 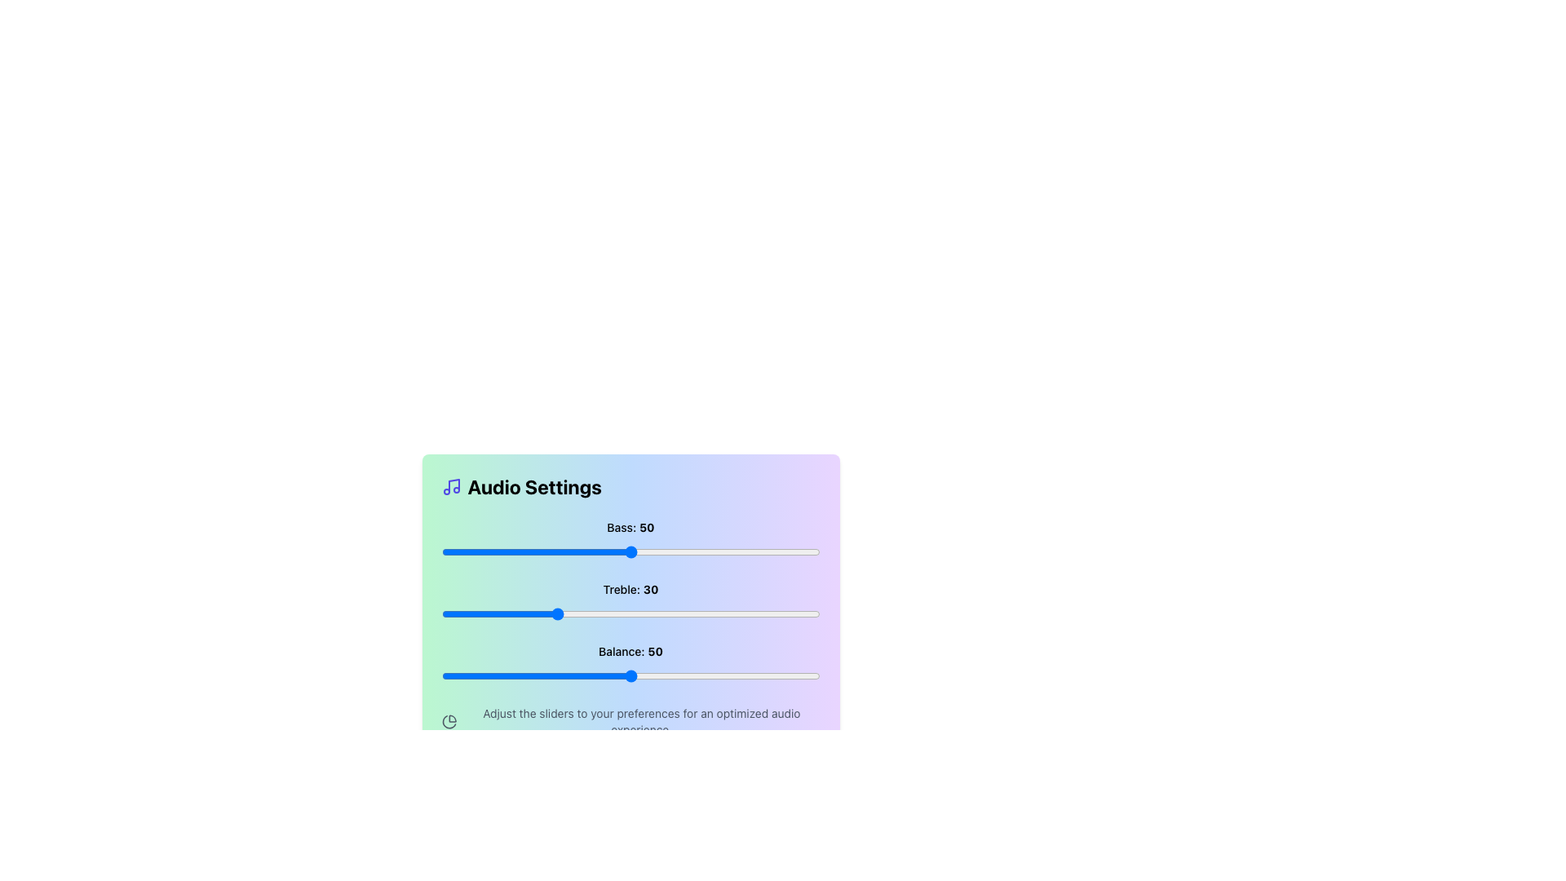 I want to click on the pie chart icon in a minimalist style located at the bottom-left of the 'Audio Settings' card, adjacent to a text description, so click(x=449, y=720).